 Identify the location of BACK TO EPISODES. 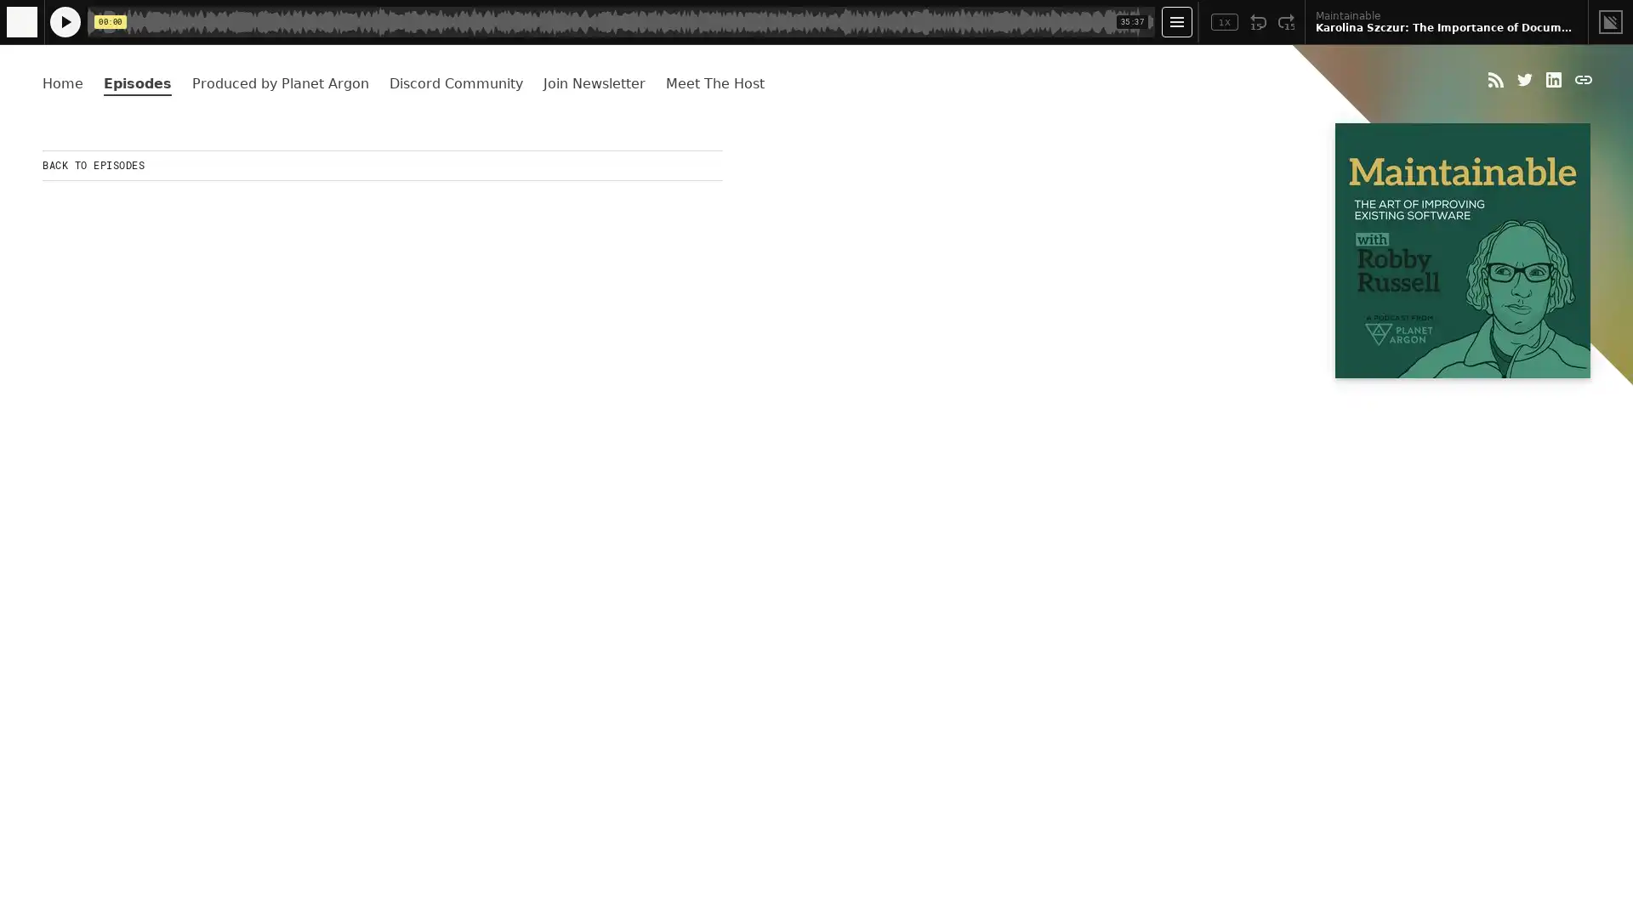
(382, 166).